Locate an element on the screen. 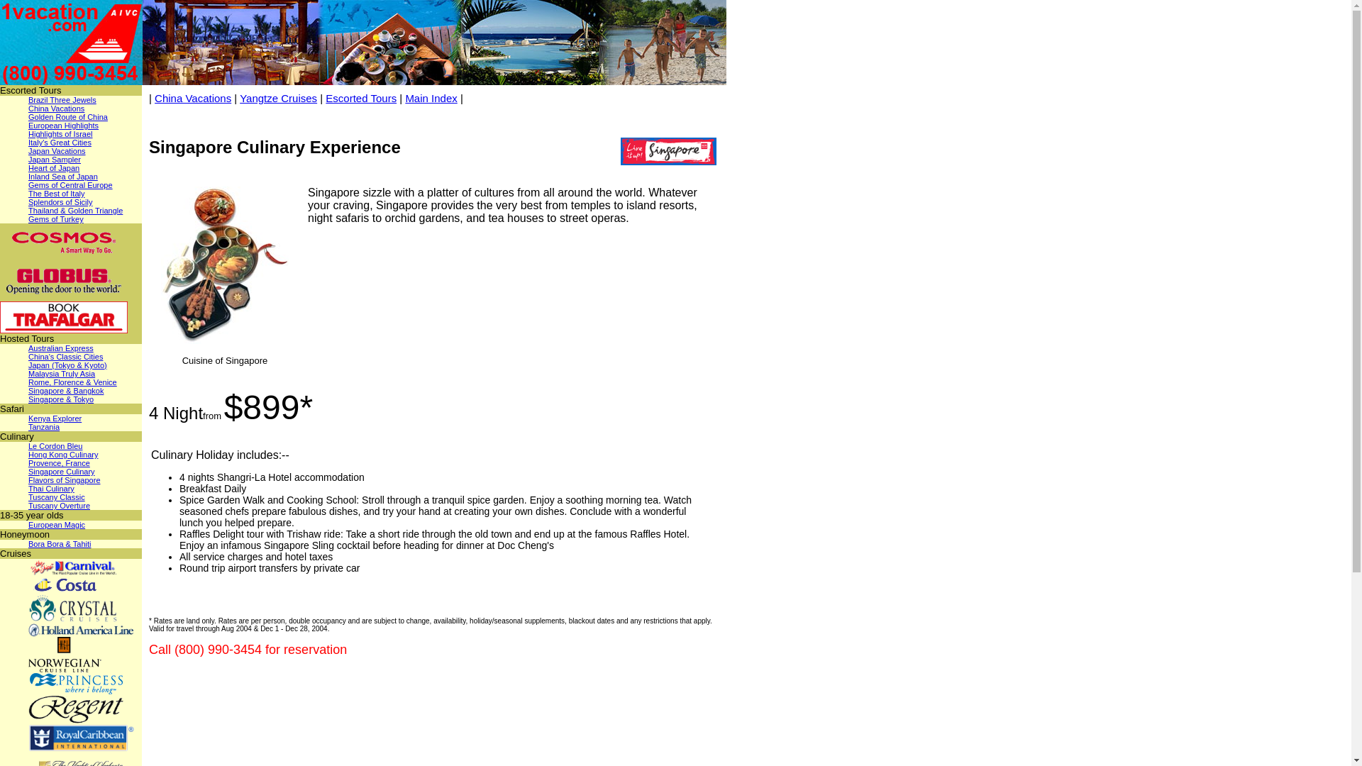 The height and width of the screenshot is (766, 1362). 'Inland Sea of Japan' is located at coordinates (62, 176).